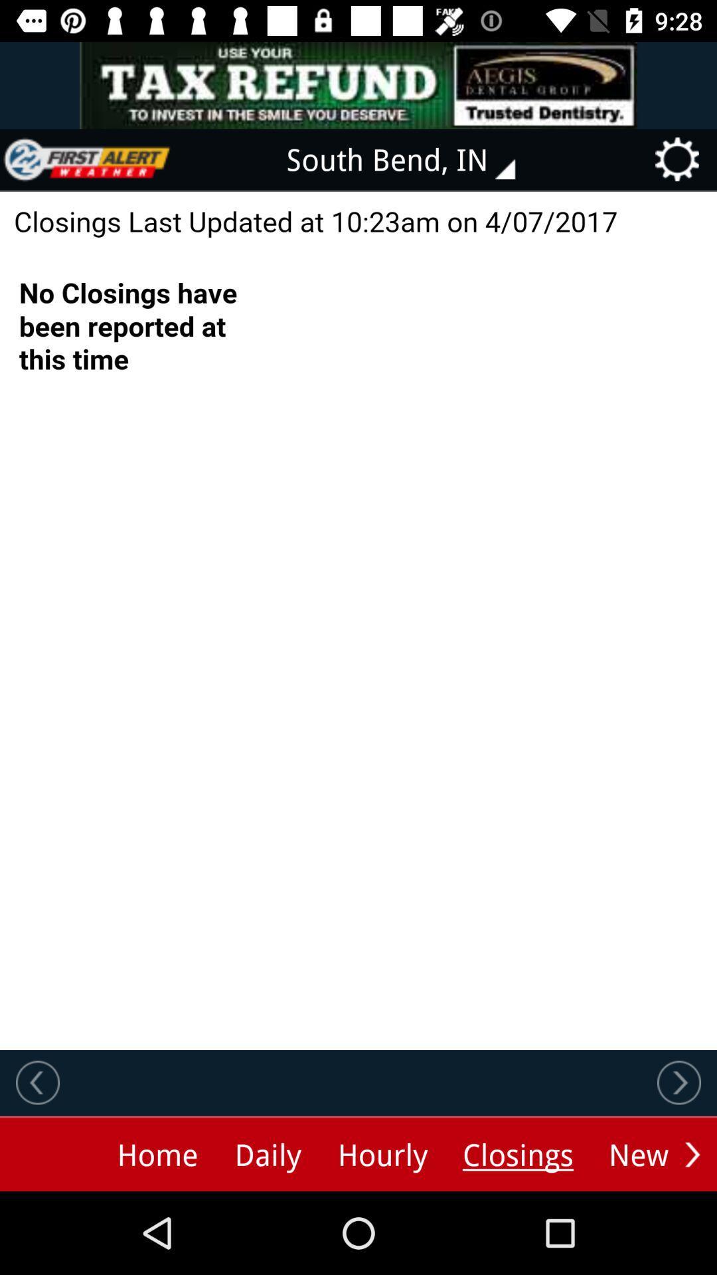  What do you see at coordinates (692, 1153) in the screenshot?
I see `next` at bounding box center [692, 1153].